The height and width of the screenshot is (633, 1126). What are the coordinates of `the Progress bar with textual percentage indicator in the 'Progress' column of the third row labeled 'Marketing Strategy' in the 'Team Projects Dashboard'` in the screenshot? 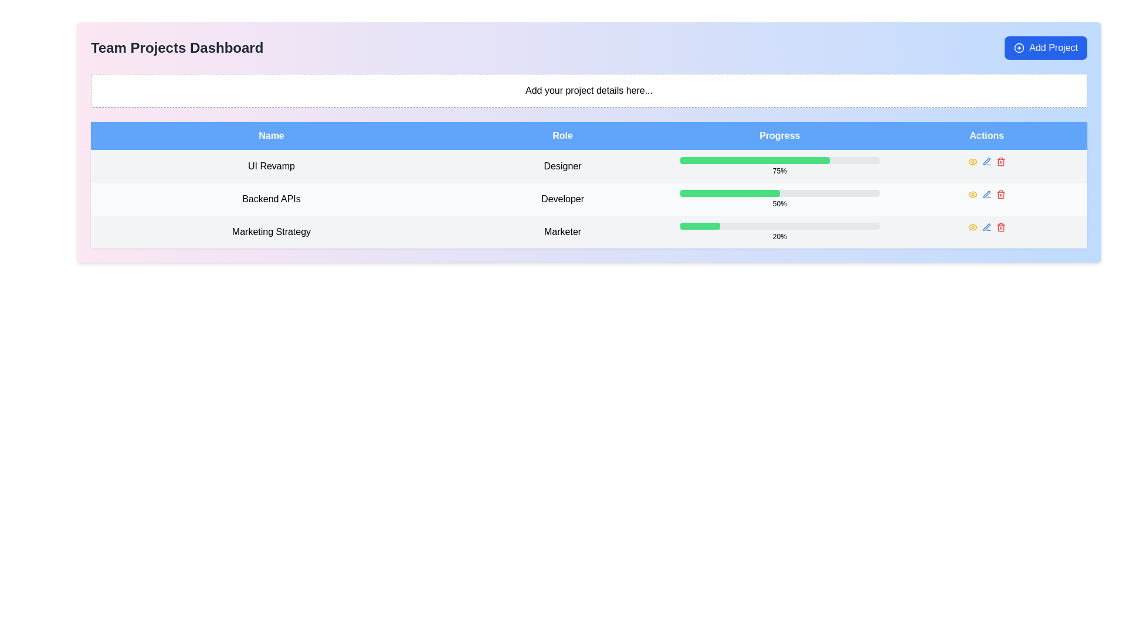 It's located at (779, 232).